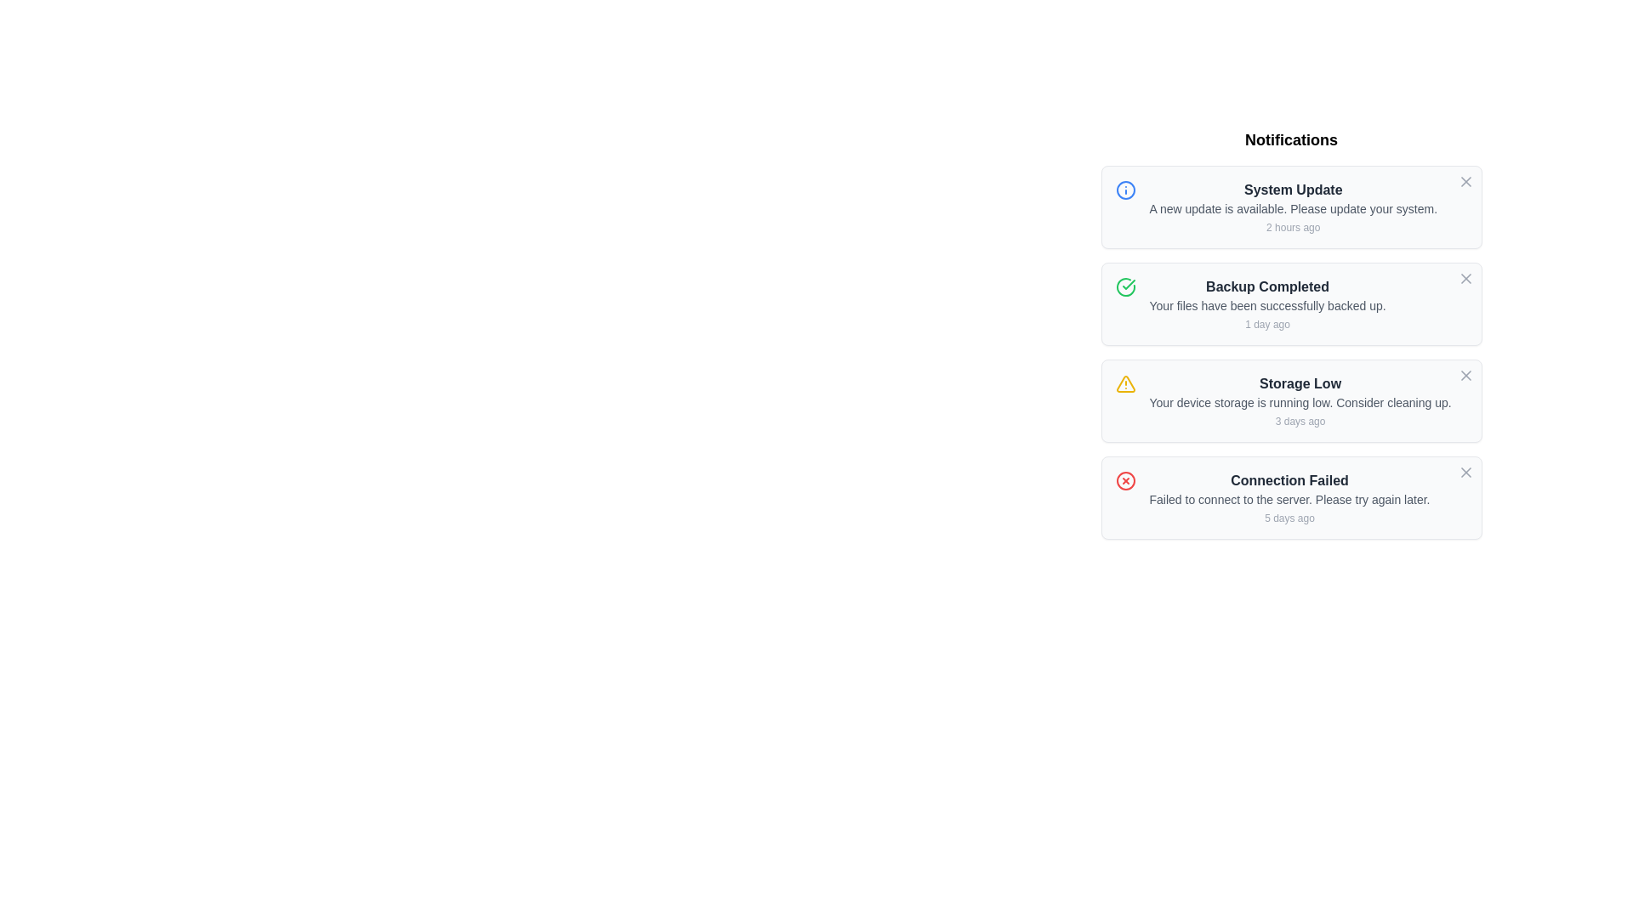  What do you see at coordinates (1465, 472) in the screenshot?
I see `the 'X'-shaped close icon located in the top-right corner of the 'Connection Failed' notification` at bounding box center [1465, 472].